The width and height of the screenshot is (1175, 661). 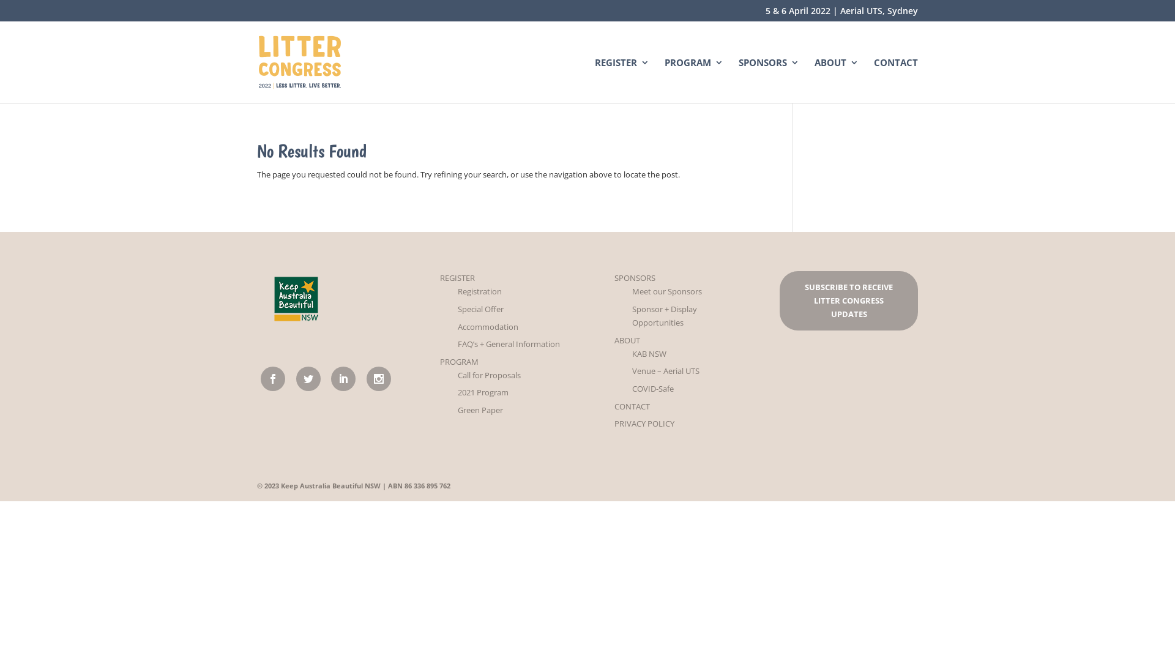 What do you see at coordinates (480, 308) in the screenshot?
I see `'Special Offer'` at bounding box center [480, 308].